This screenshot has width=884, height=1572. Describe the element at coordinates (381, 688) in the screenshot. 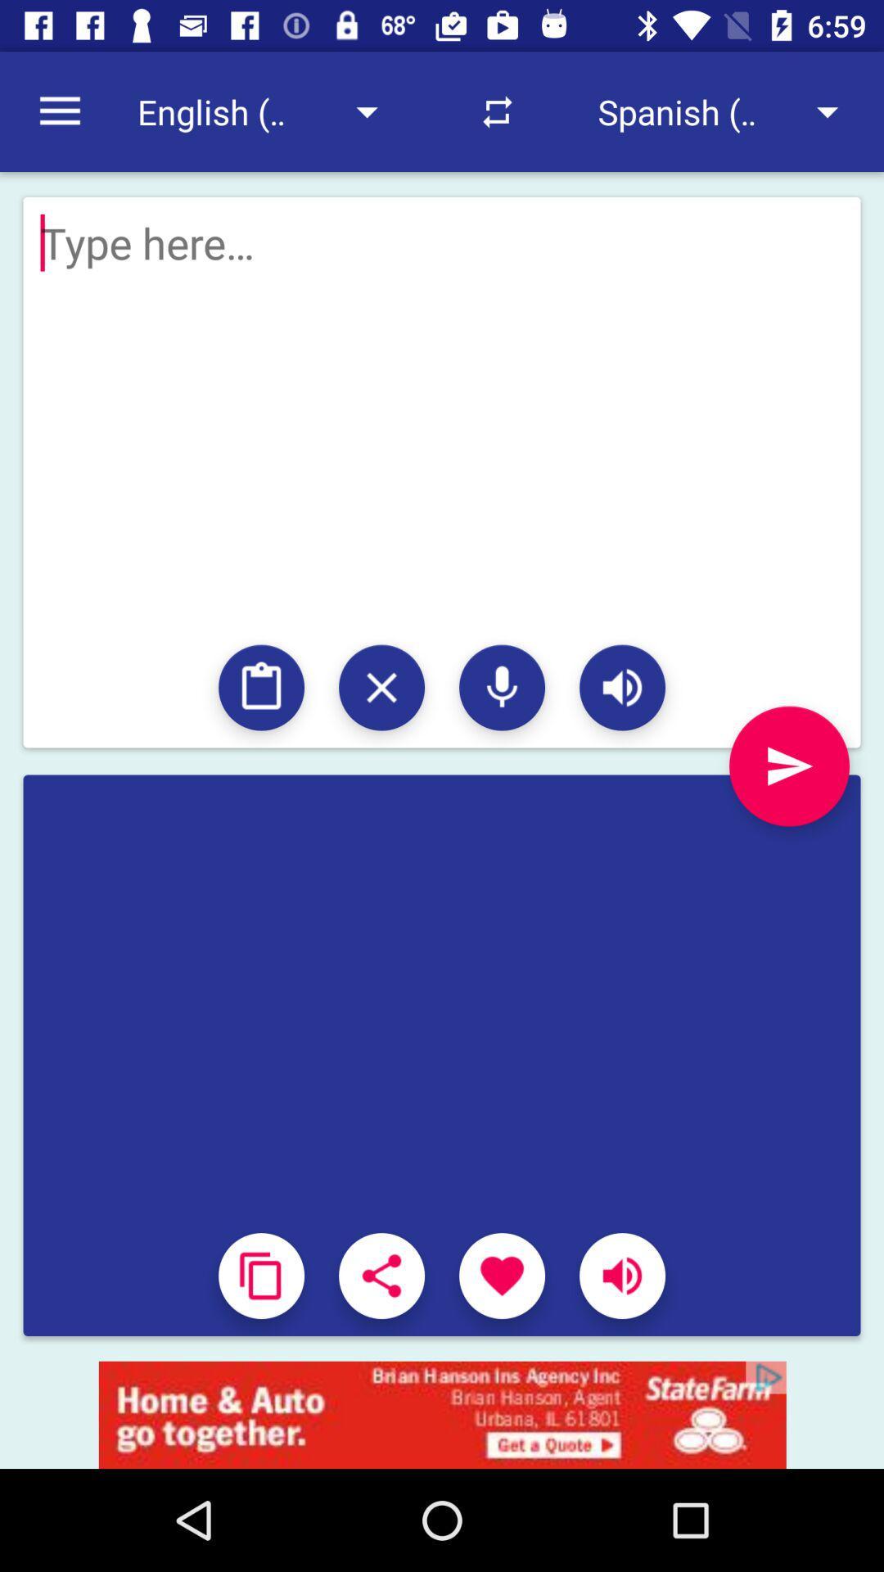

I see `switch` at that location.